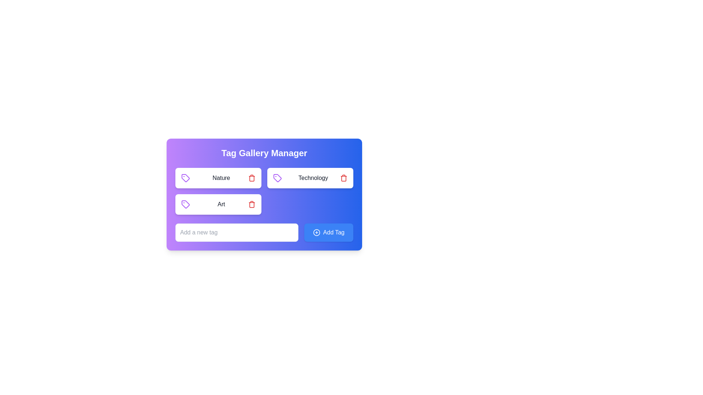 This screenshot has width=703, height=395. What do you see at coordinates (313, 178) in the screenshot?
I see `the static text label displaying 'Technology' within the card labeled 'Technology' in the 'Tag Gallery Manager'. This label is centrally positioned between a purple tag icon and a red delete icon` at bounding box center [313, 178].